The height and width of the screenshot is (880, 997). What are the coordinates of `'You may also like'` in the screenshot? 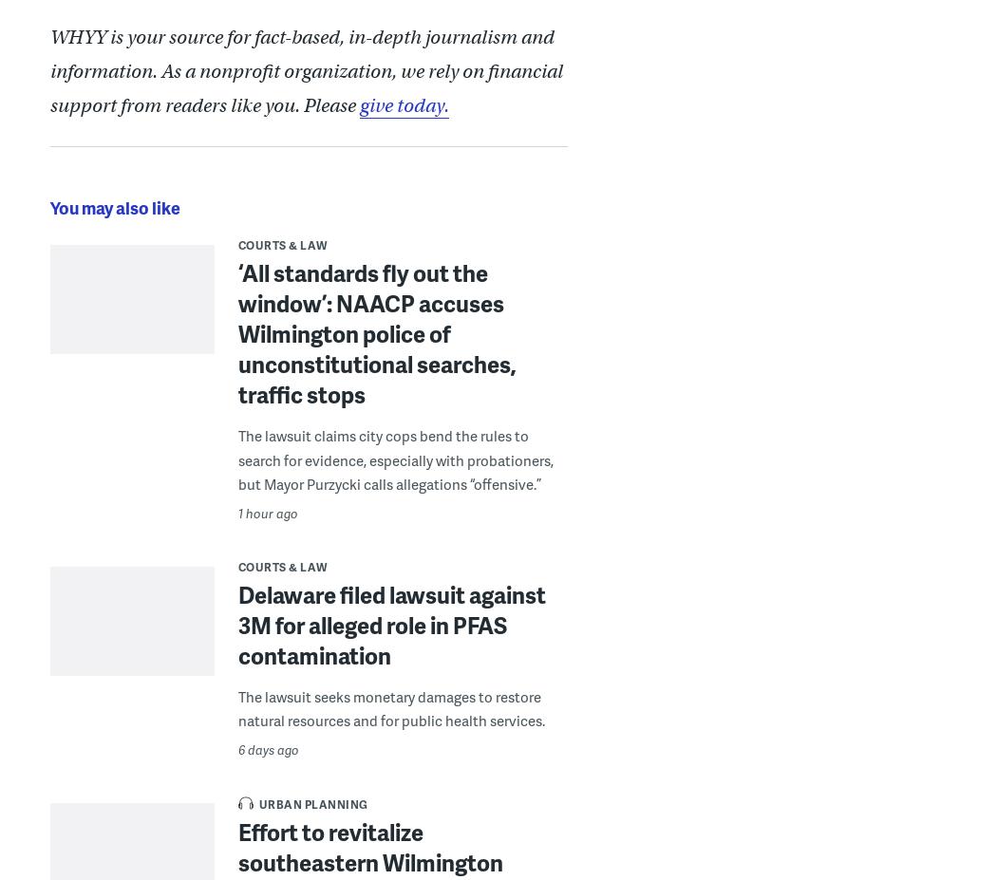 It's located at (113, 207).